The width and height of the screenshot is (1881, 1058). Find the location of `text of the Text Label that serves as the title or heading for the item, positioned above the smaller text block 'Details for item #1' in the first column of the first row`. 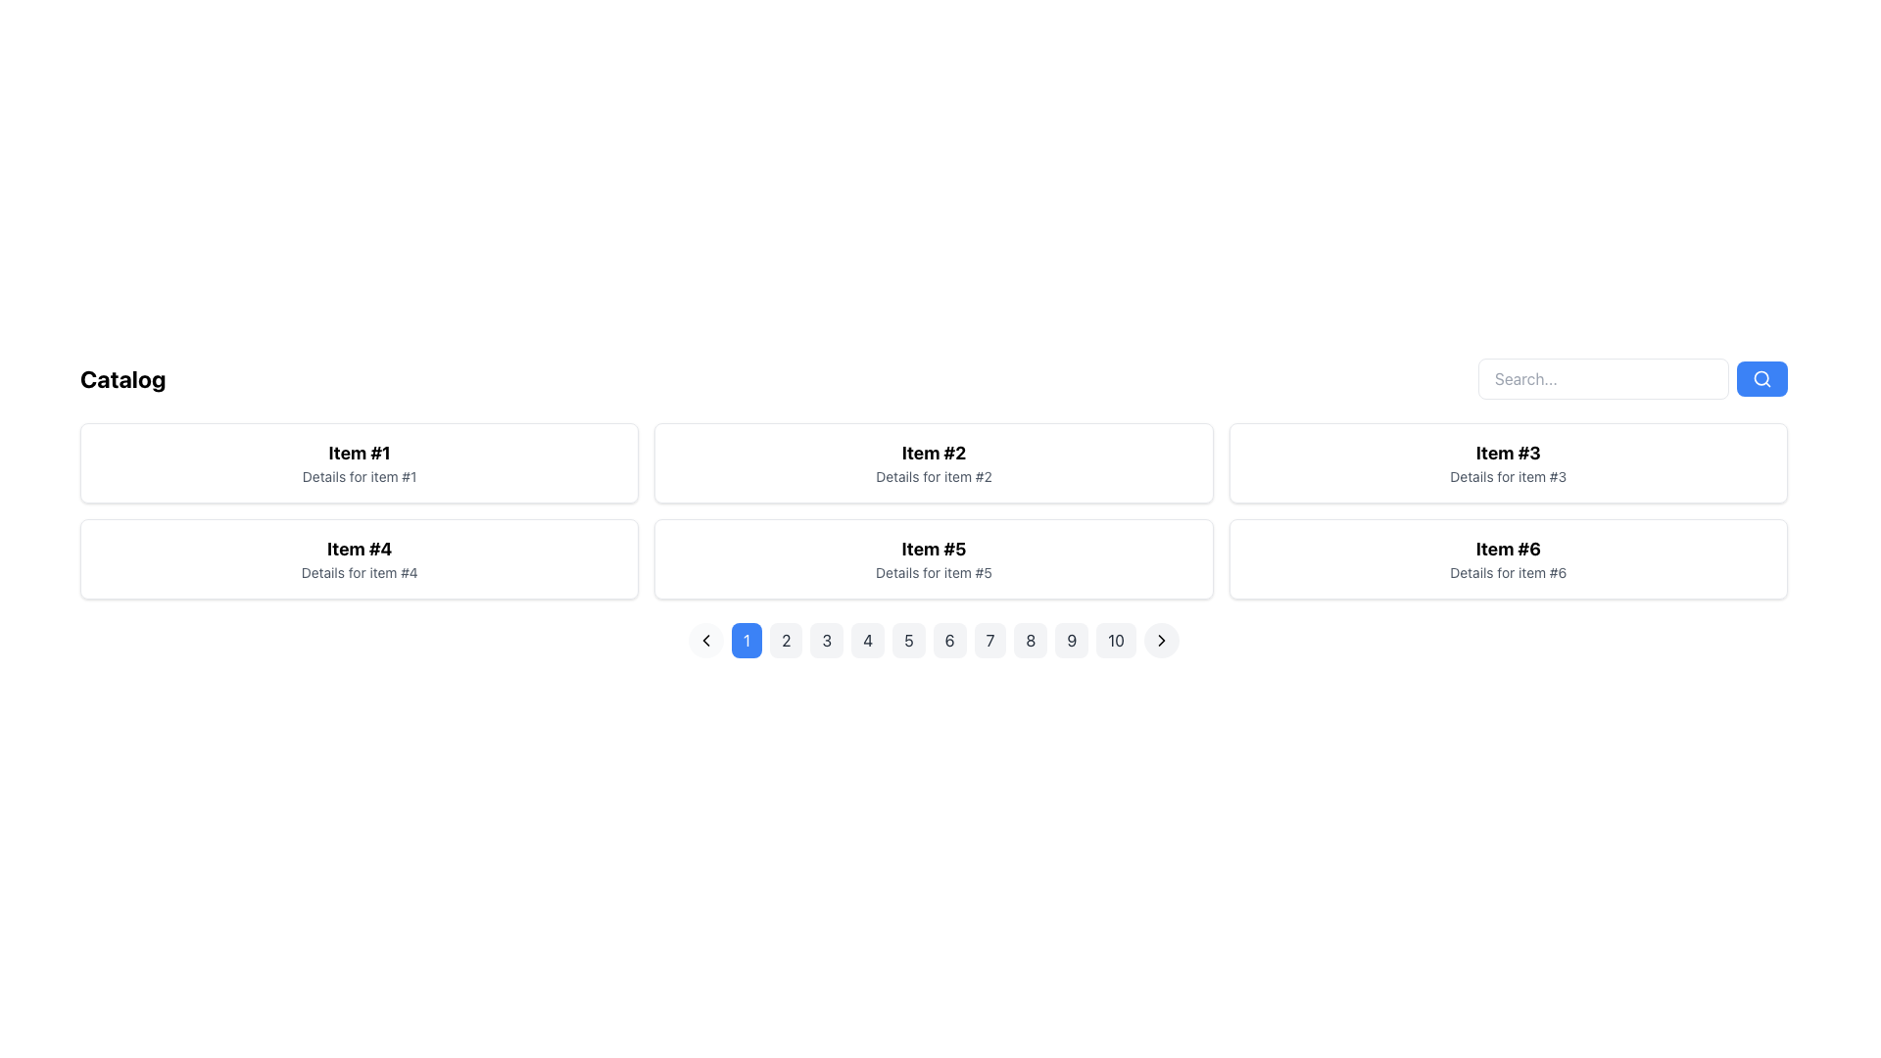

text of the Text Label that serves as the title or heading for the item, positioned above the smaller text block 'Details for item #1' in the first column of the first row is located at coordinates (360, 453).